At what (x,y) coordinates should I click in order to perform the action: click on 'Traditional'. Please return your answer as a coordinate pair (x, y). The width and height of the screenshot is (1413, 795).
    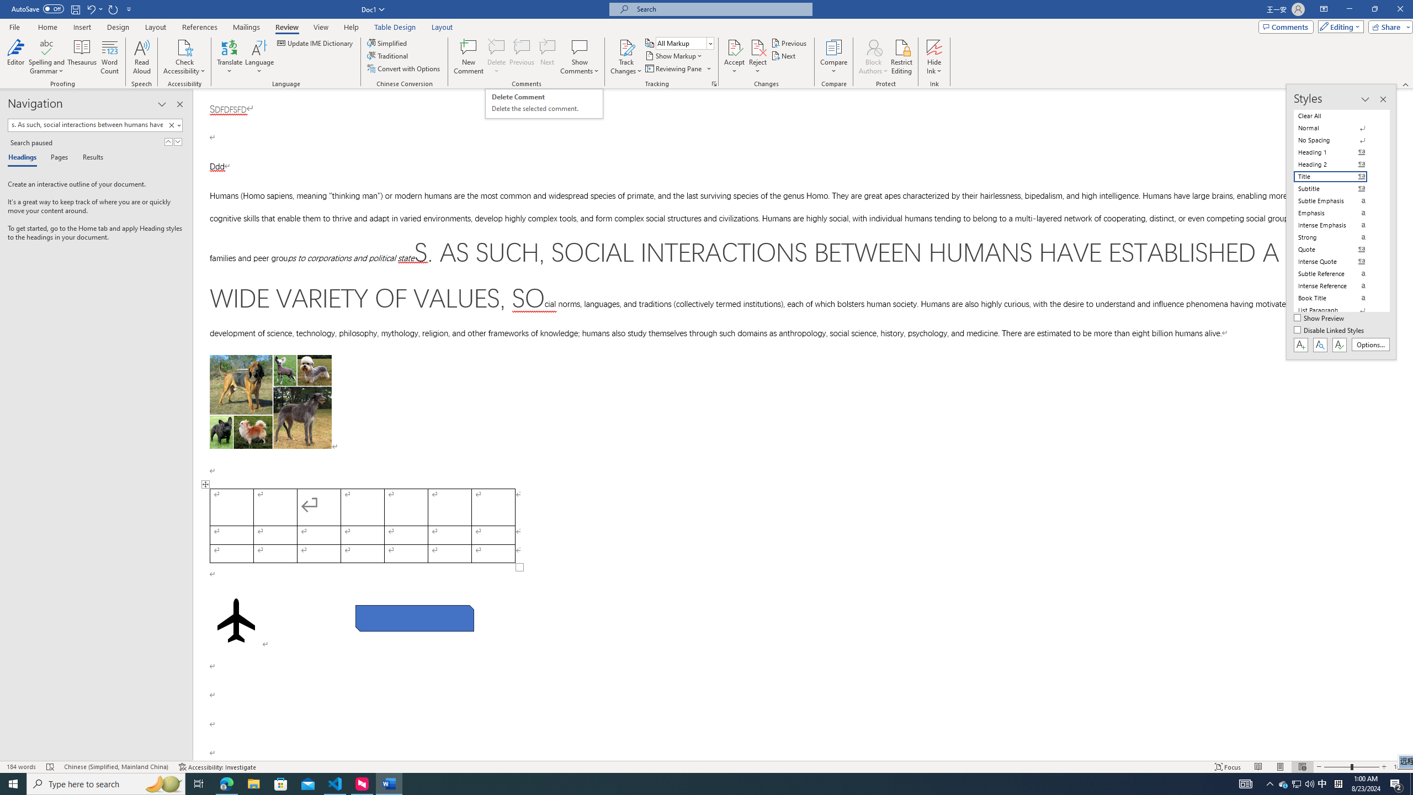
    Looking at the image, I should click on (389, 55).